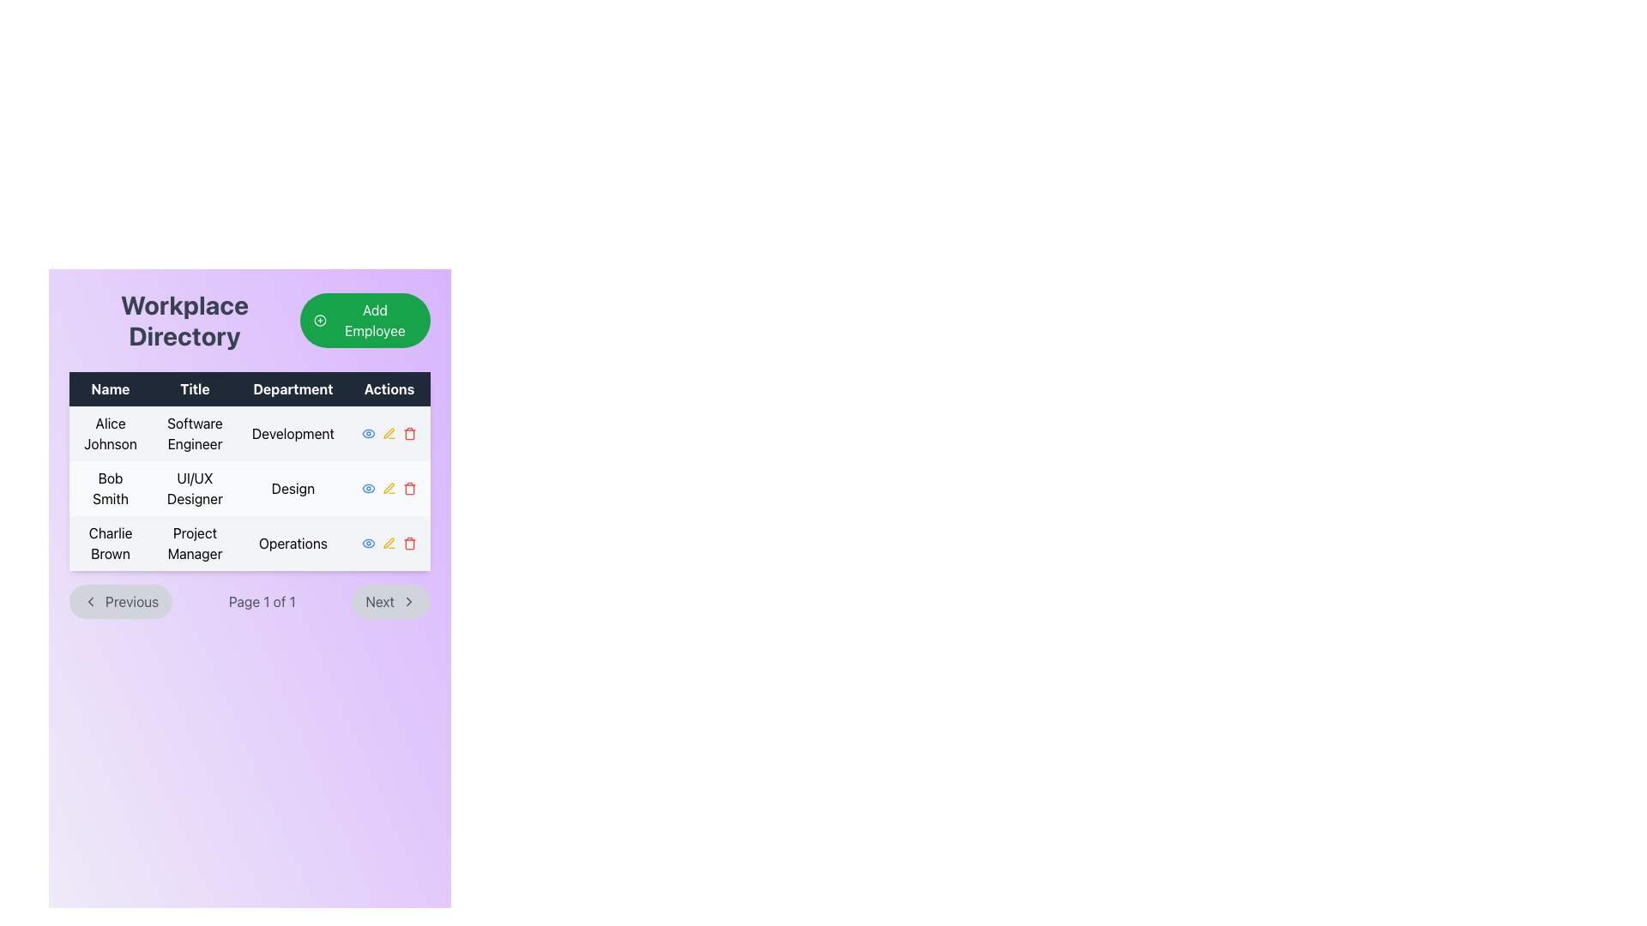 This screenshot has width=1647, height=926. What do you see at coordinates (249, 543) in the screenshot?
I see `the table row containing information about 'Charlie Brown', which includes his title 'Project Manager' and department 'Operations'` at bounding box center [249, 543].